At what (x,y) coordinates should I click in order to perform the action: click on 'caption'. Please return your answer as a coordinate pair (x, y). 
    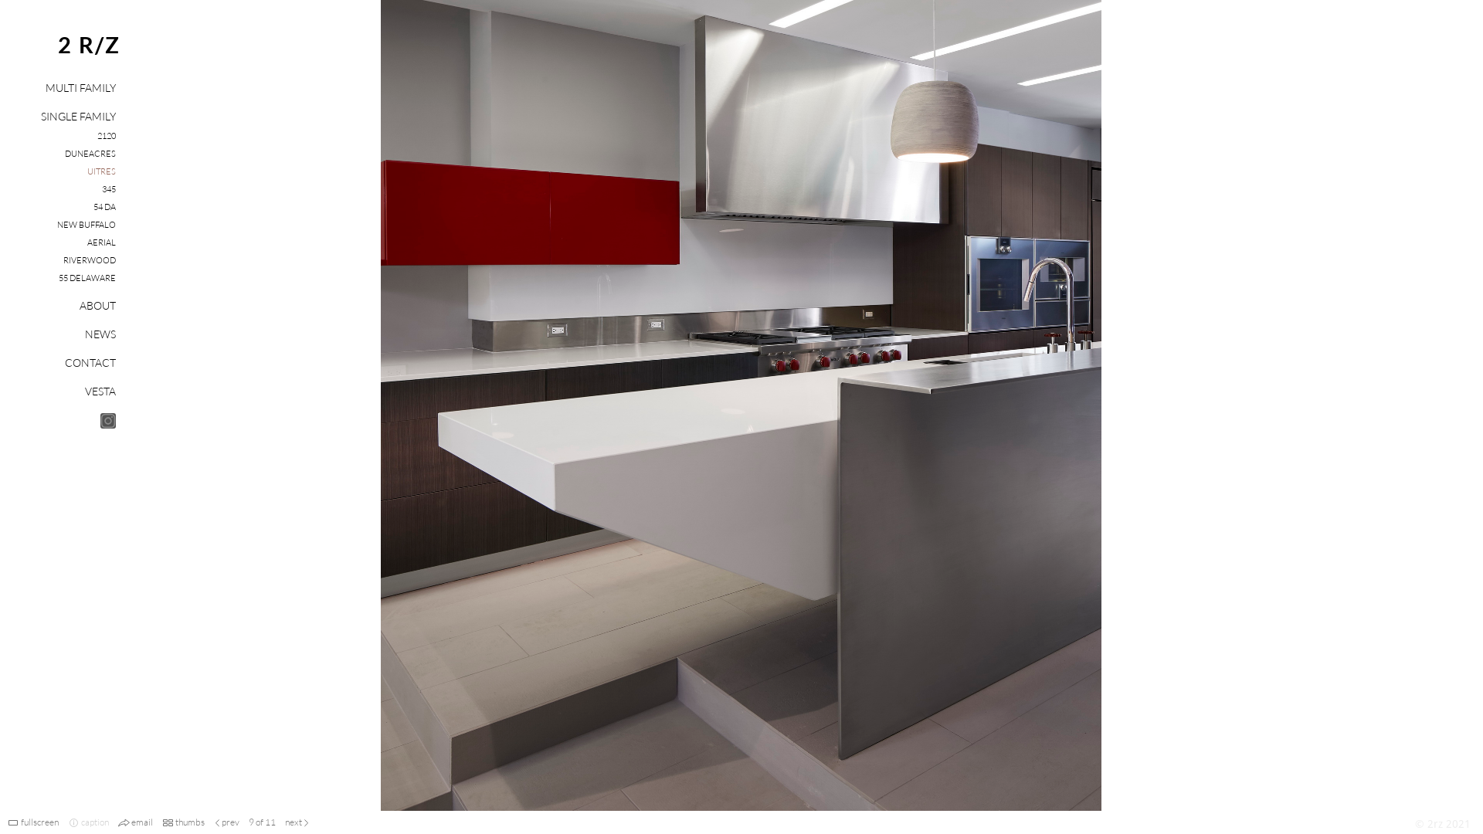
    Looking at the image, I should click on (94, 820).